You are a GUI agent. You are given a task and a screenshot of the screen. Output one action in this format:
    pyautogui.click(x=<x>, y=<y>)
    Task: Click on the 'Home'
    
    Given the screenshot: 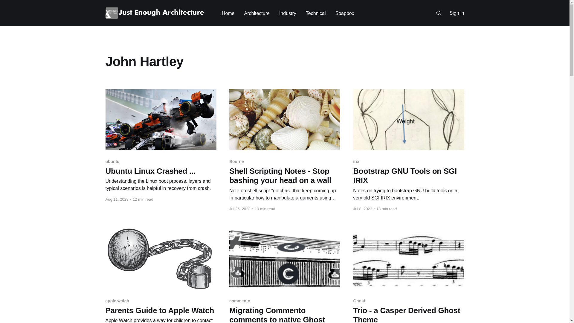 What is the action you would take?
    pyautogui.click(x=222, y=13)
    